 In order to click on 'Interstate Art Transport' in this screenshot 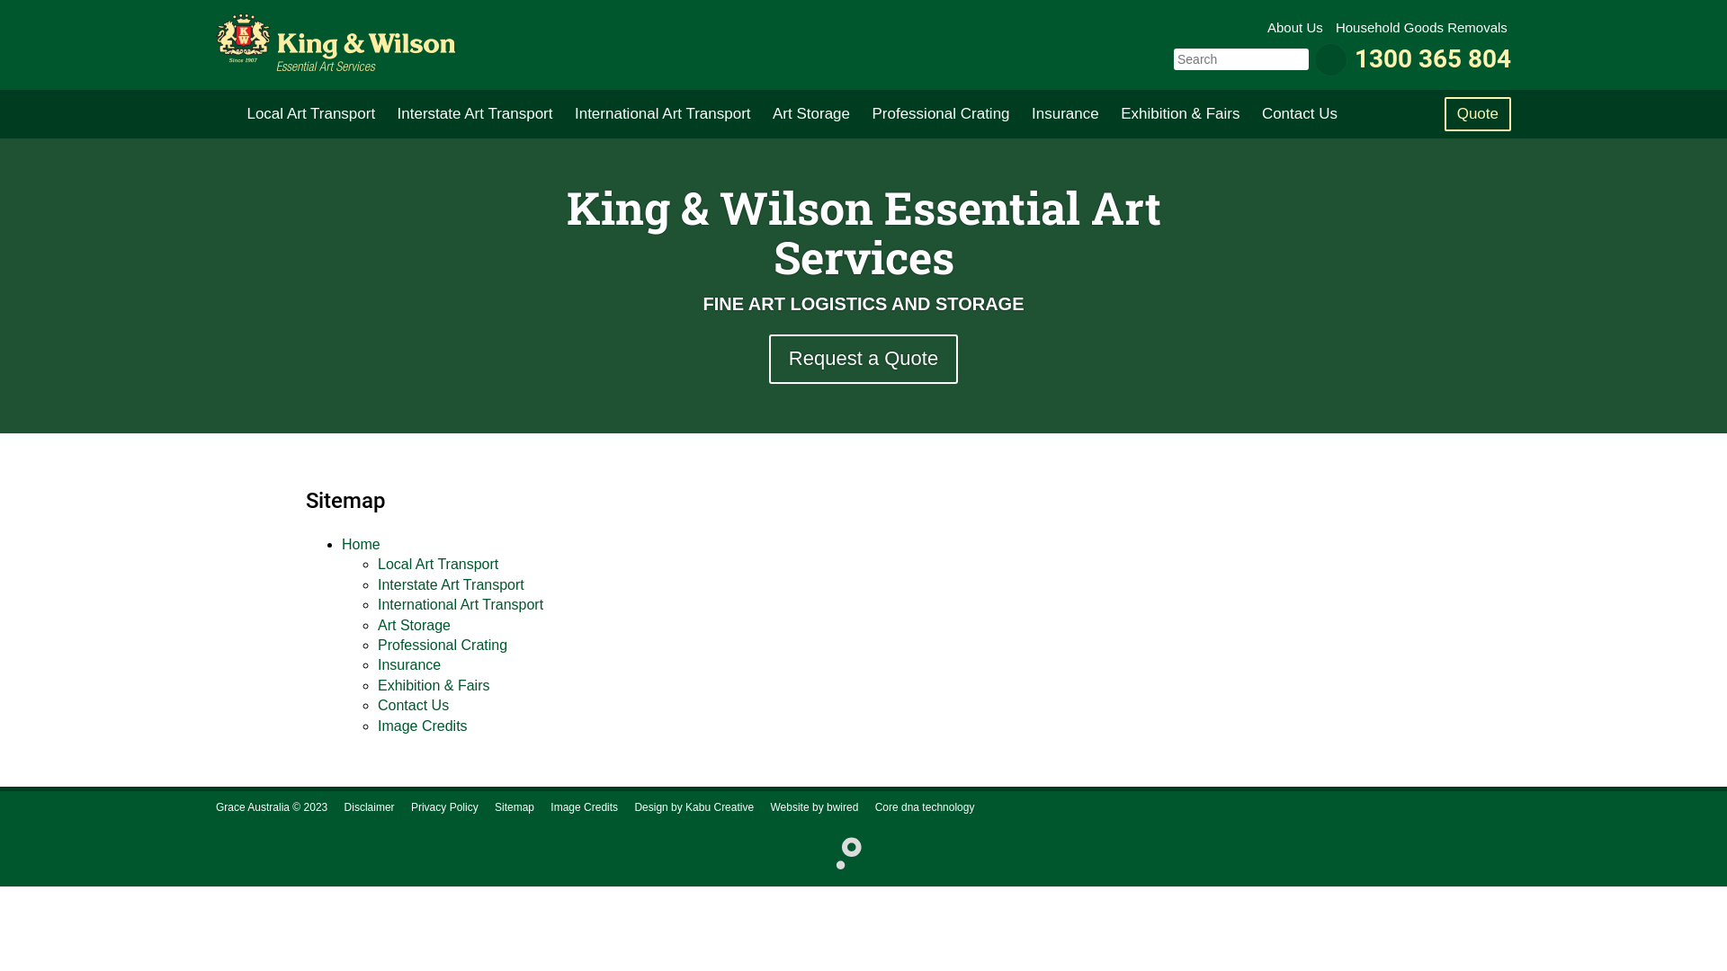, I will do `click(388, 114)`.